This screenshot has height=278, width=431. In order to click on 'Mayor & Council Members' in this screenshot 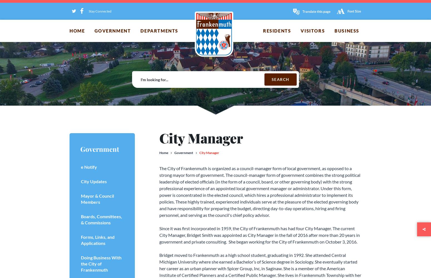, I will do `click(81, 198)`.